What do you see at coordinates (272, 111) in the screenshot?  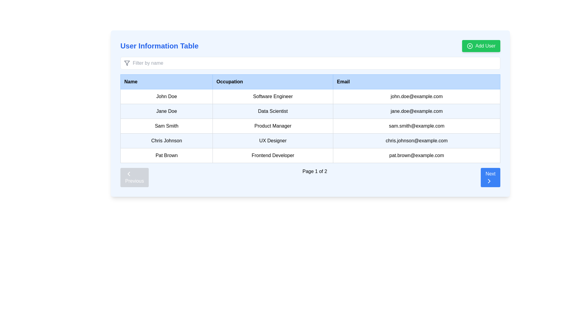 I see `the text label representing the job title in the second row of the table under the 'Occupation' column, which is horizontally aligned with 'Jane Doe' on the left and 'jane.doe@example.com' on the right` at bounding box center [272, 111].